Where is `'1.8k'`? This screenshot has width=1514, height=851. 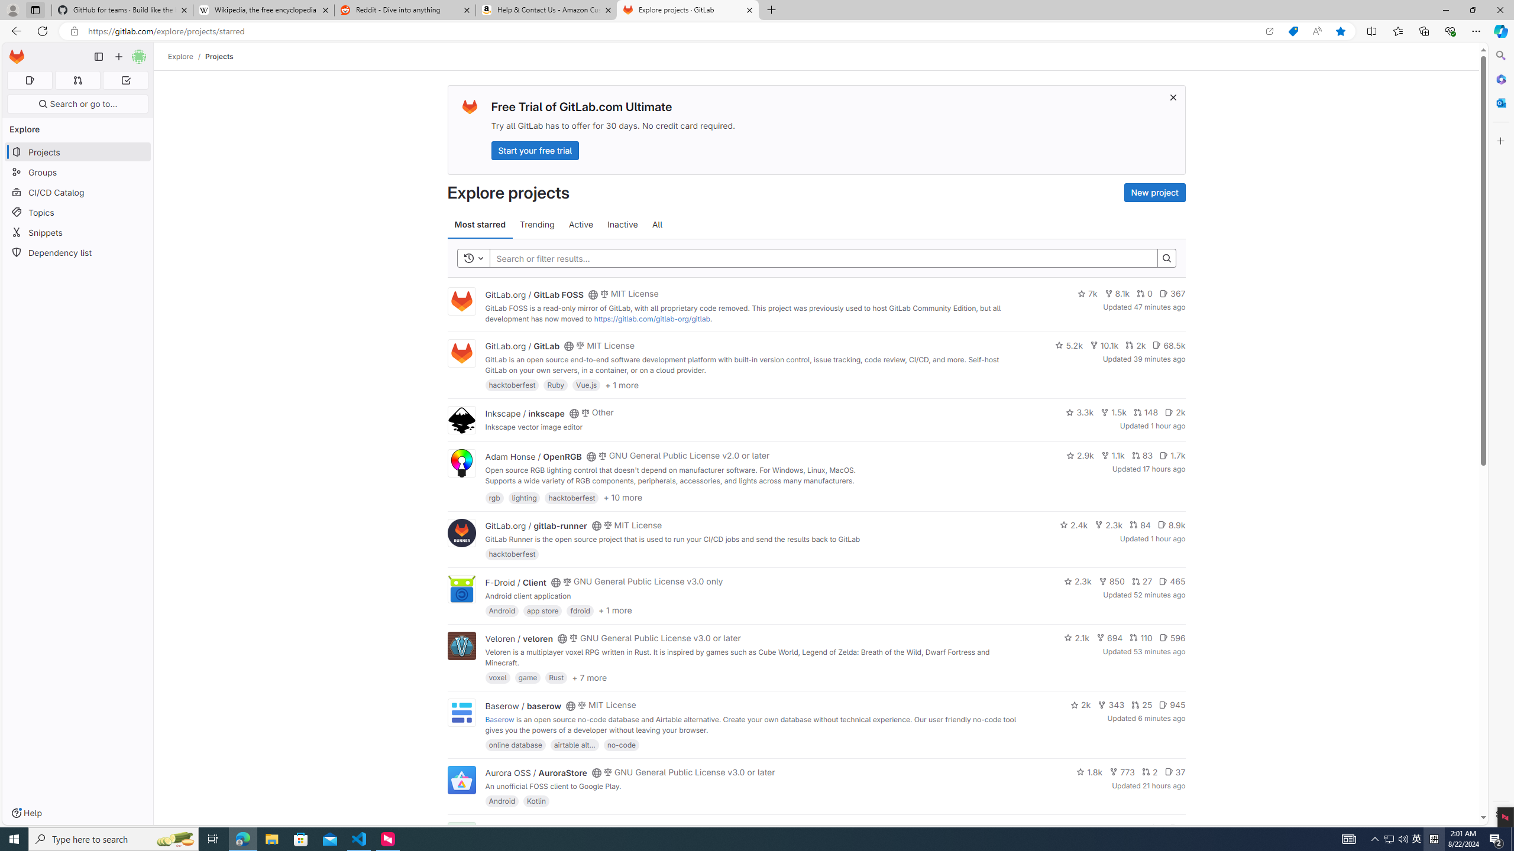
'1.8k' is located at coordinates (1089, 771).